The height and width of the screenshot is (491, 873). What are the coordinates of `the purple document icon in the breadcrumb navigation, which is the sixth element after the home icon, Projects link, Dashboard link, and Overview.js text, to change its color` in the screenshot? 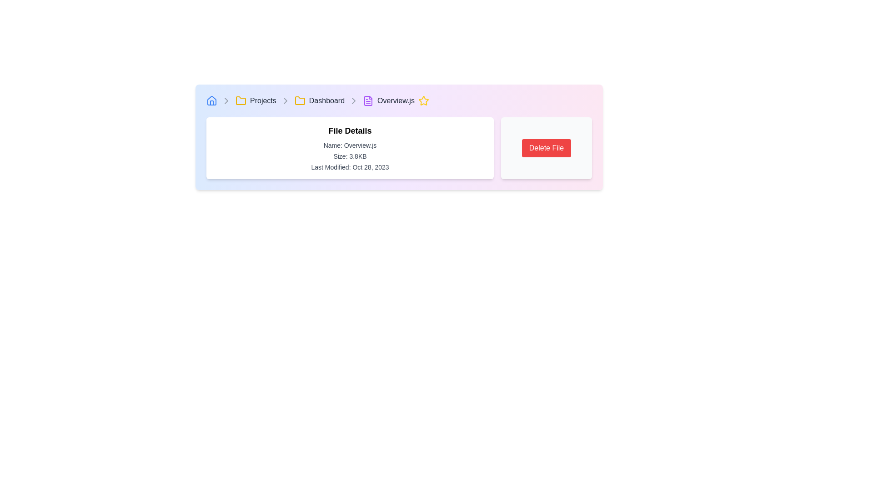 It's located at (368, 101).